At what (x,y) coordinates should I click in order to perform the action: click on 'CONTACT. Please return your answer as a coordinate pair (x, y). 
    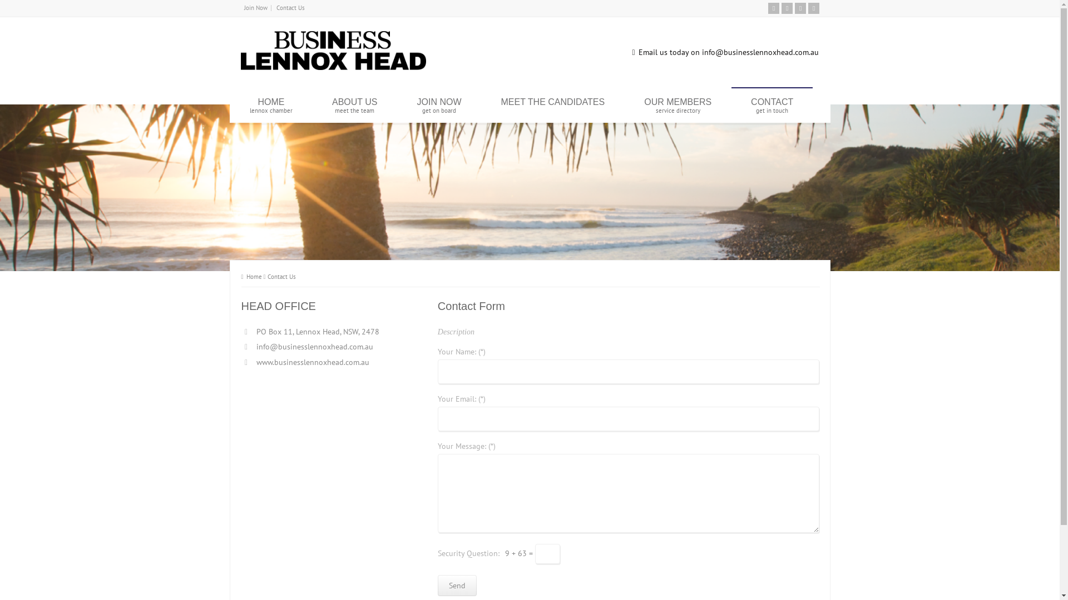
    Looking at the image, I should click on (771, 105).